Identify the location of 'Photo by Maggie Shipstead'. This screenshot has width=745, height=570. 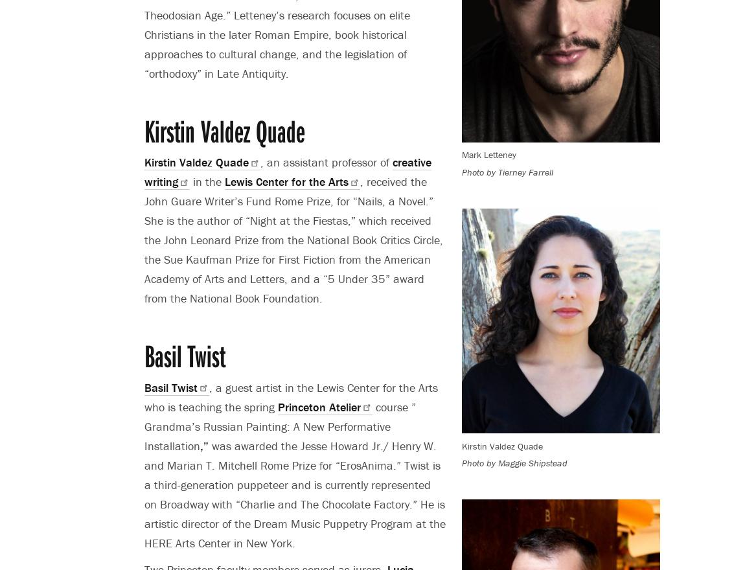
(513, 463).